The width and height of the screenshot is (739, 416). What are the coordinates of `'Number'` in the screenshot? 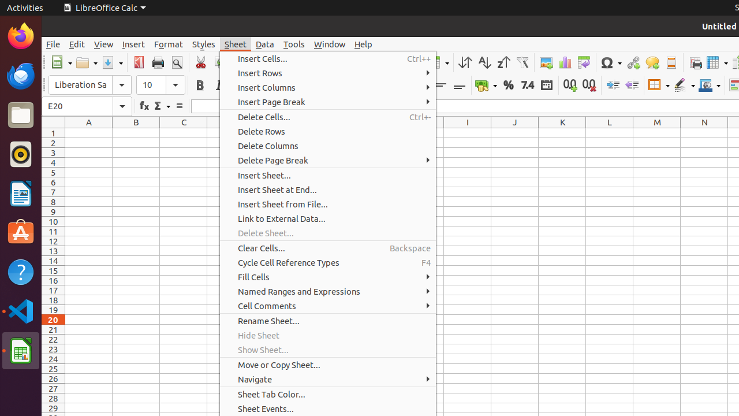 It's located at (527, 84).